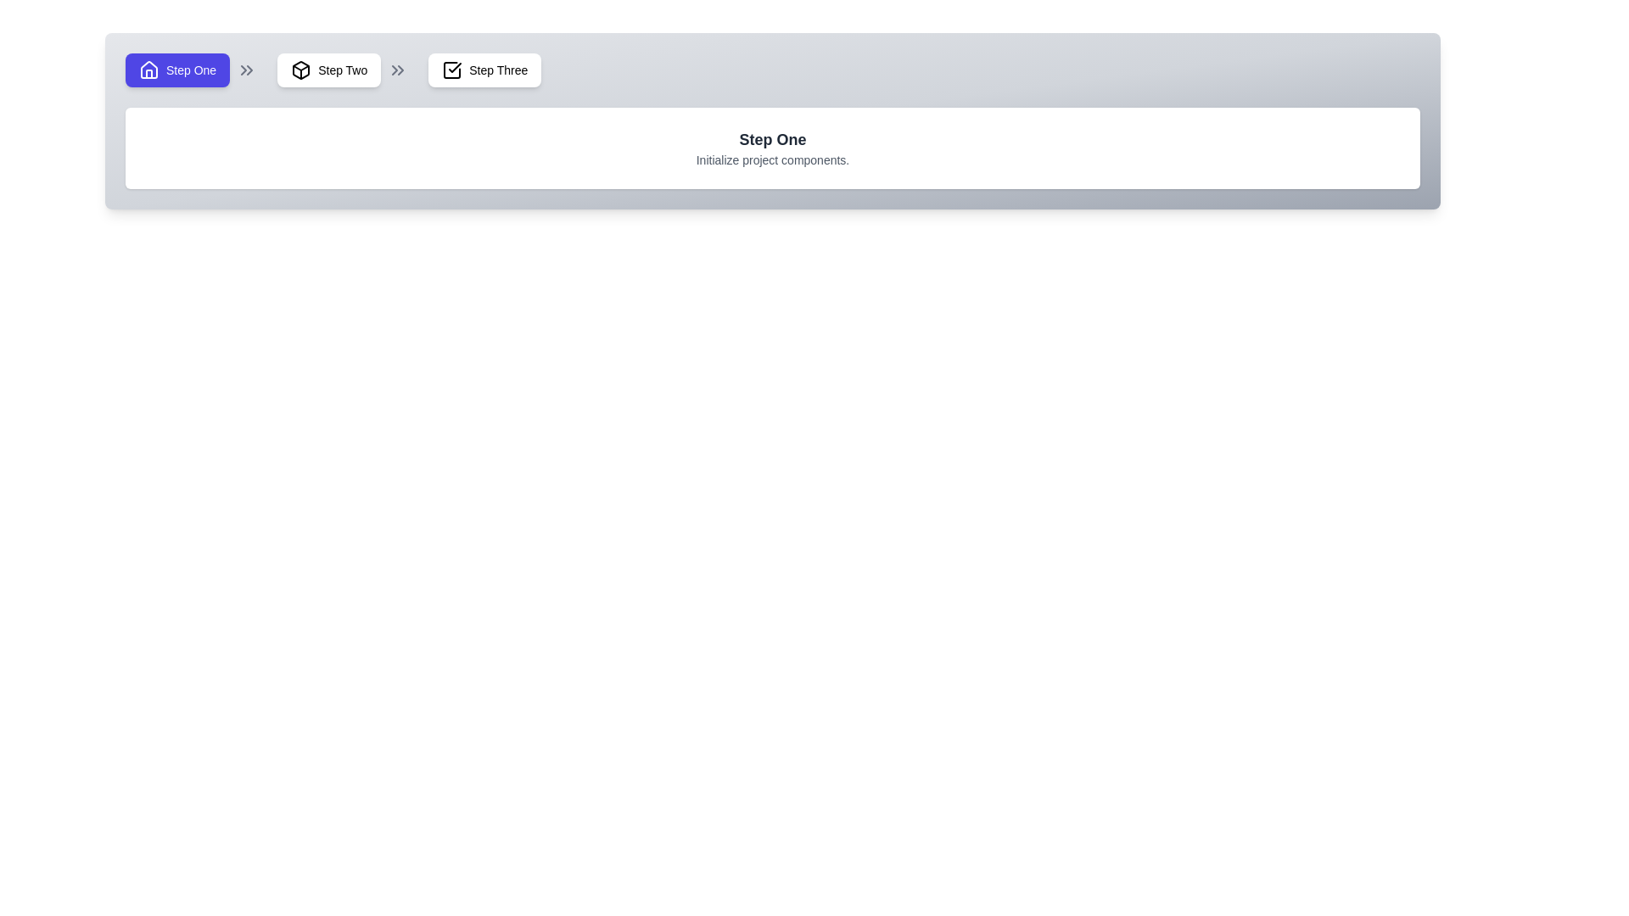 The width and height of the screenshot is (1629, 916). I want to click on the house icon with a circular blue background located to the left of the text 'Step One' in the navigation bar, so click(149, 70).